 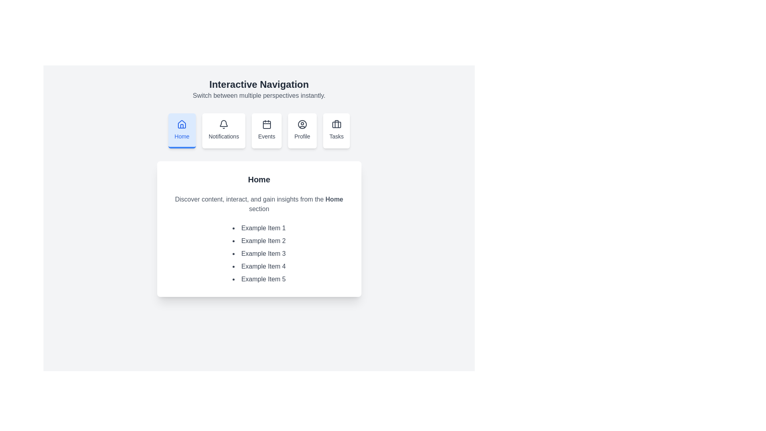 I want to click on the 'Home' text label, which is blue and located below the house icon in the navigation bar on the left side of the interface, so click(x=182, y=136).